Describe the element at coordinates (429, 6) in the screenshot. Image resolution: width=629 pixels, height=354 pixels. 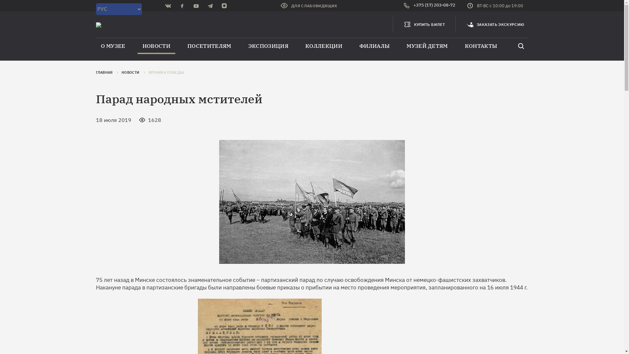
I see `'+375 (17) 203-08-72'` at that location.